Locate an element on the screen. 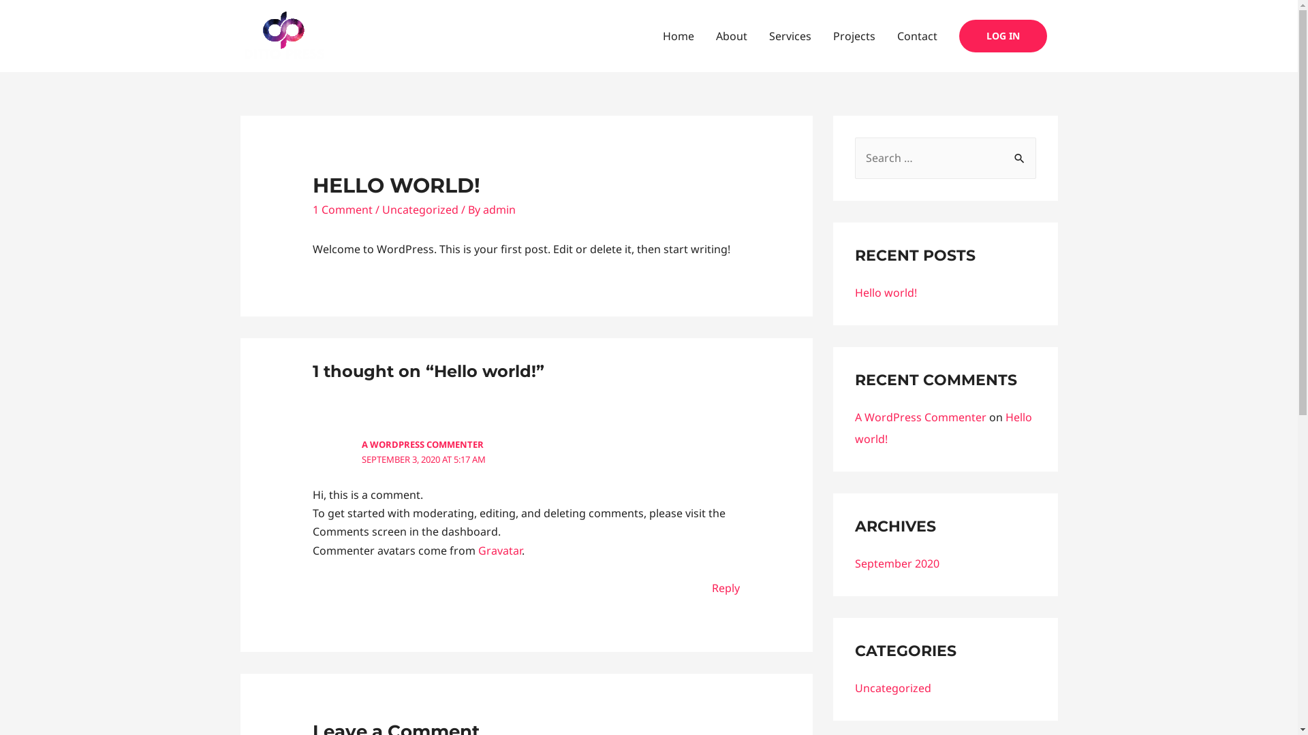  'admin' is located at coordinates (499, 210).